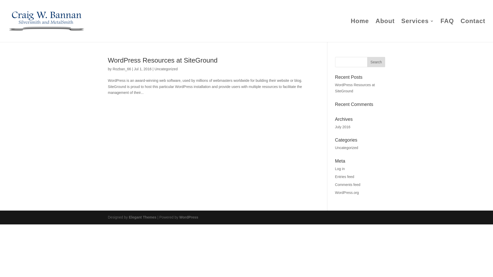 Image resolution: width=493 pixels, height=277 pixels. I want to click on 'About', so click(385, 31).